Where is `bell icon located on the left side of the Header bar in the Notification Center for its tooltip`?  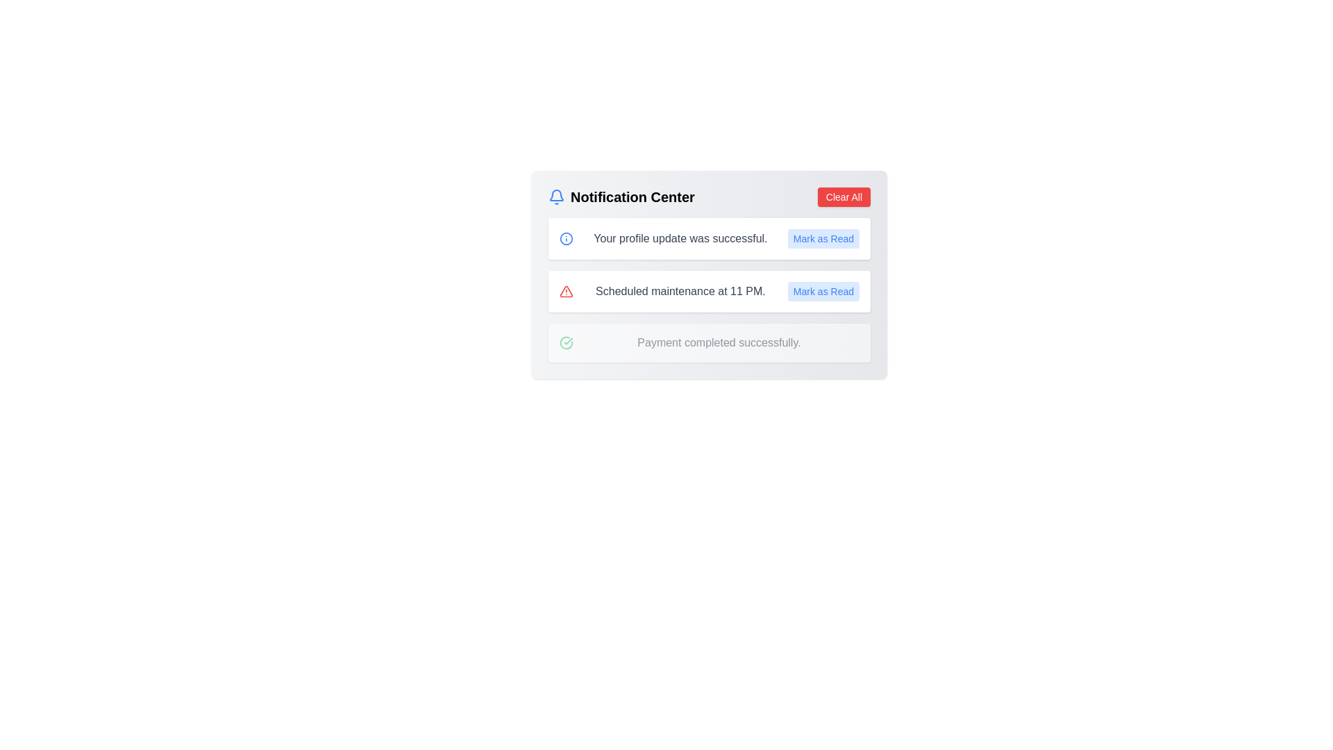
bell icon located on the left side of the Header bar in the Notification Center for its tooltip is located at coordinates (710, 197).